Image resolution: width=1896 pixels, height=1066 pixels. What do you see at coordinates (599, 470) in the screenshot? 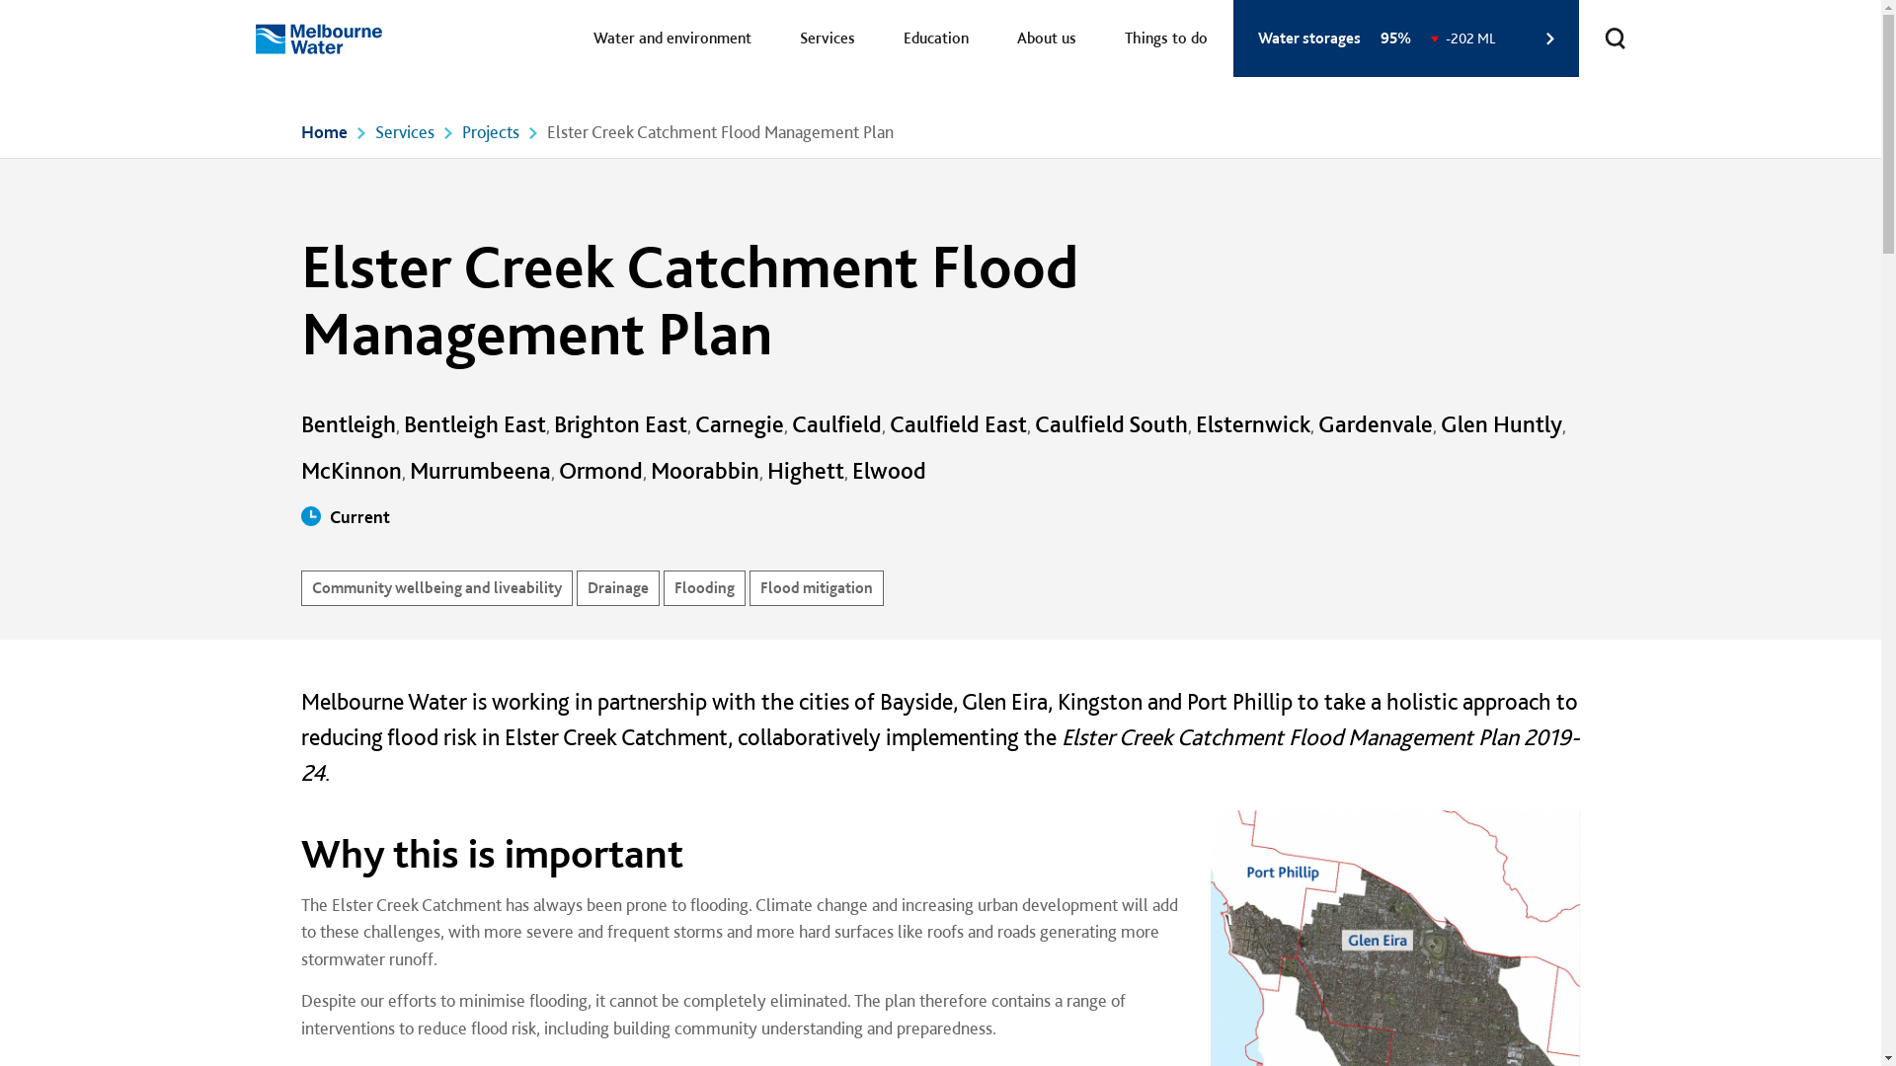
I see `'Ormond'` at bounding box center [599, 470].